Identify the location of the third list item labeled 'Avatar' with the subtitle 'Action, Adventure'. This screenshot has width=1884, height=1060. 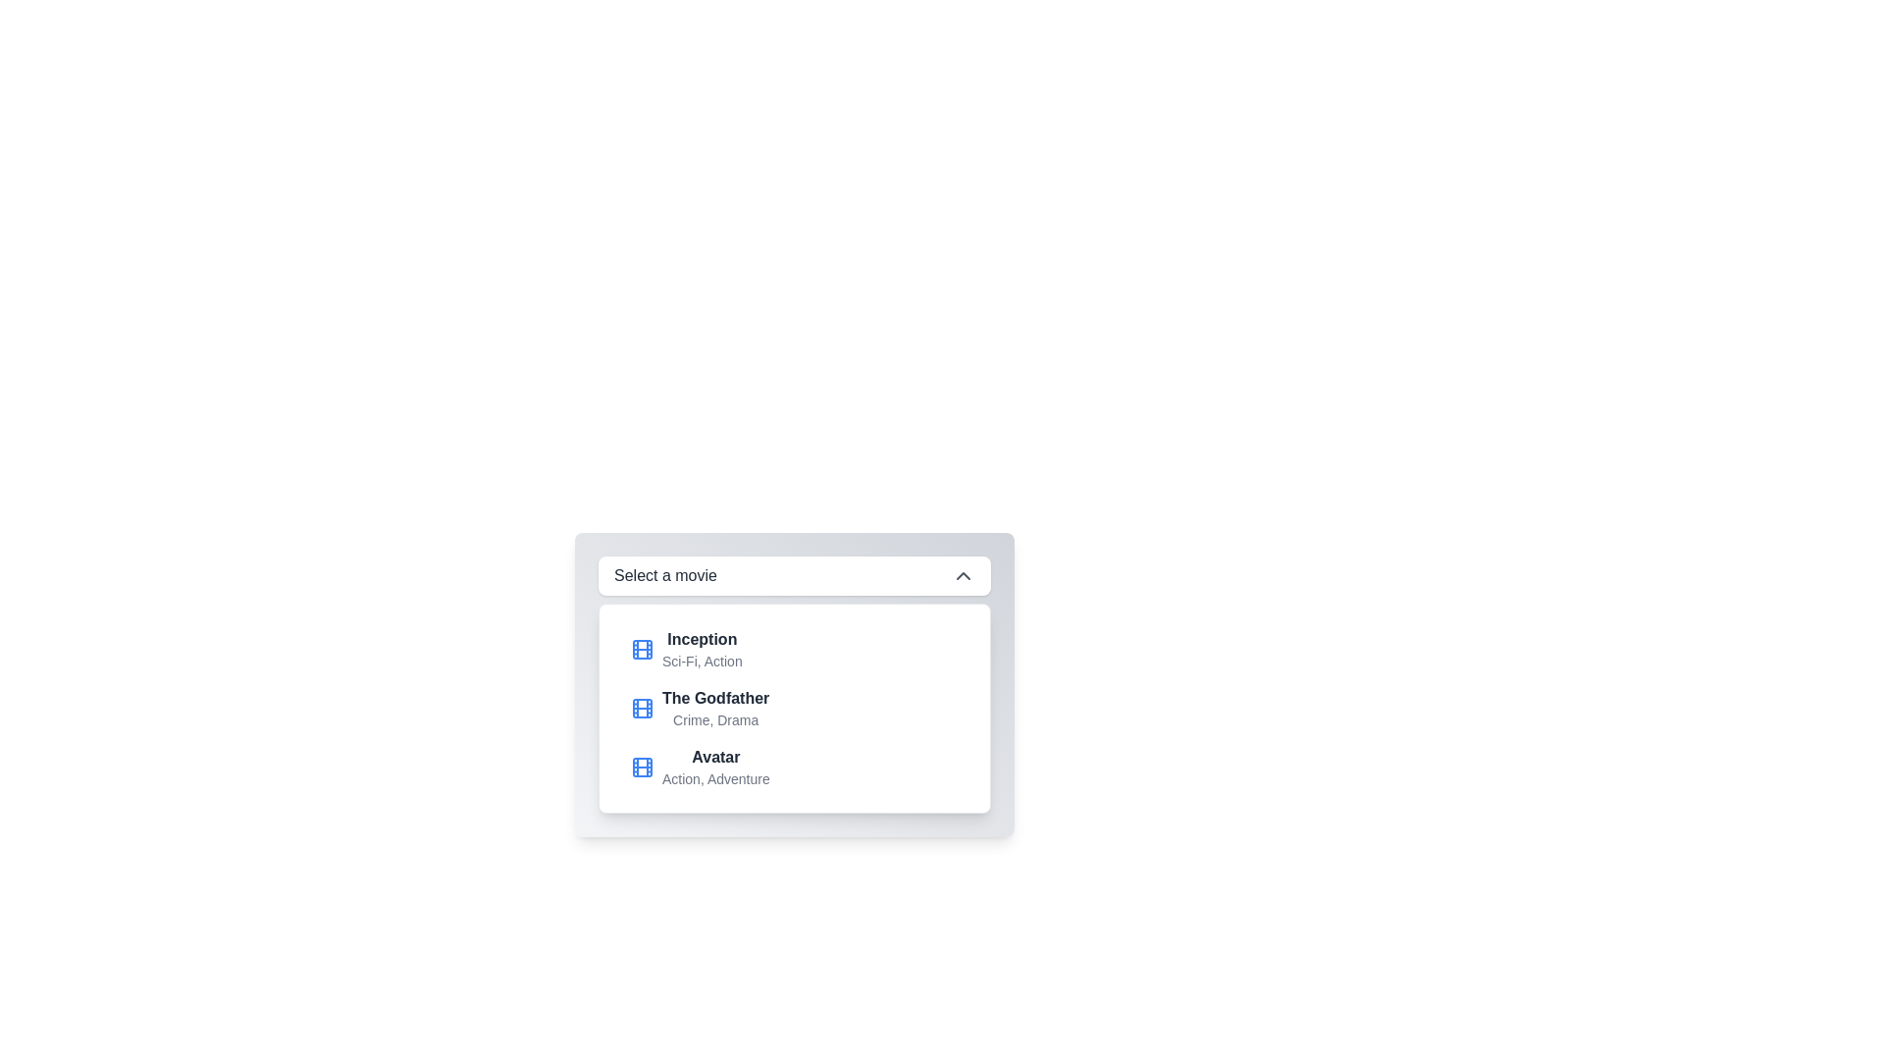
(714, 767).